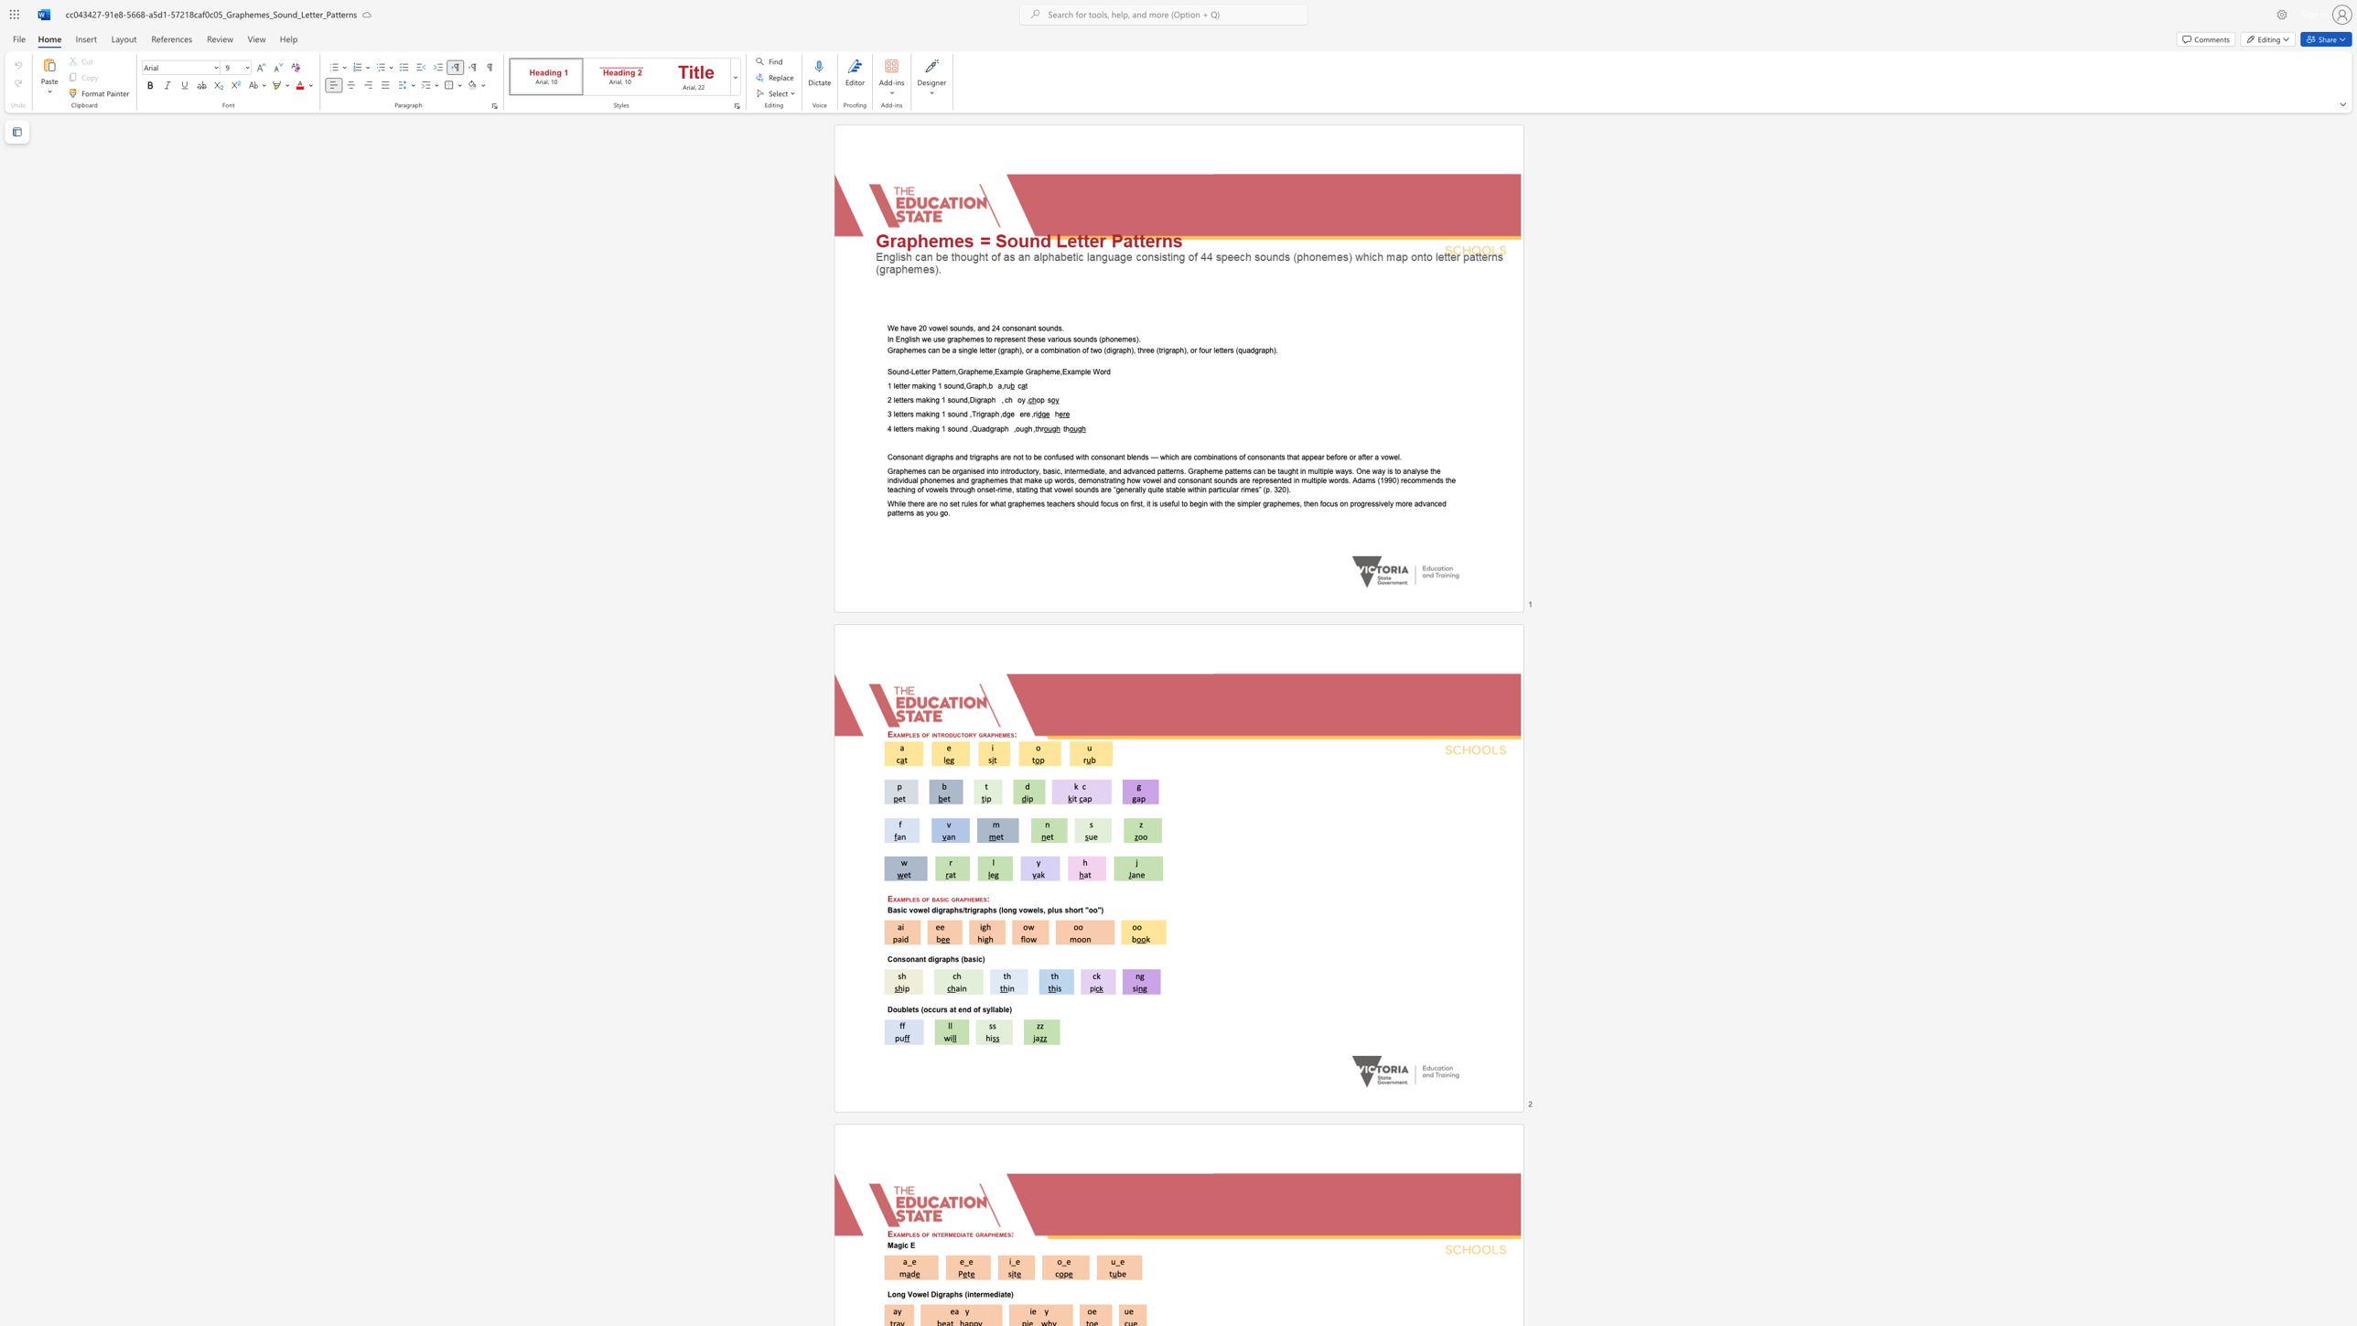  What do you see at coordinates (1002, 414) in the screenshot?
I see `the subset text "dg" within the text "3 letters making 1 sound  ,Trigraph ,dge    ere ,ri"` at bounding box center [1002, 414].